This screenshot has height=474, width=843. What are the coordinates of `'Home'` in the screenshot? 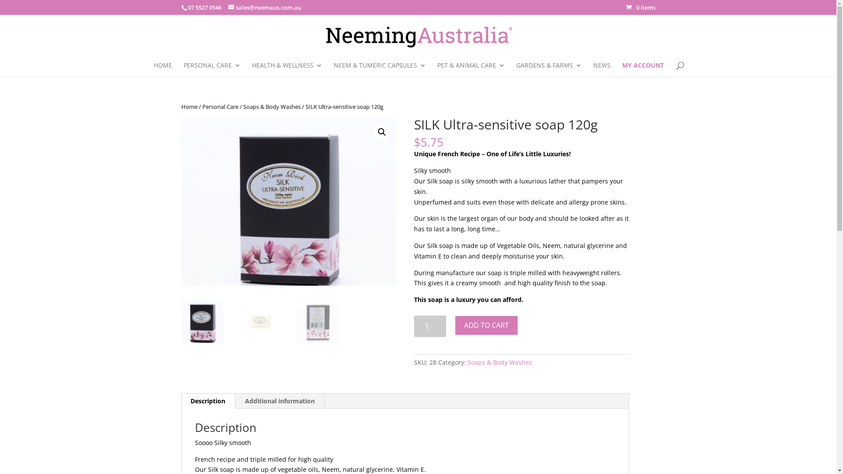 It's located at (188, 106).